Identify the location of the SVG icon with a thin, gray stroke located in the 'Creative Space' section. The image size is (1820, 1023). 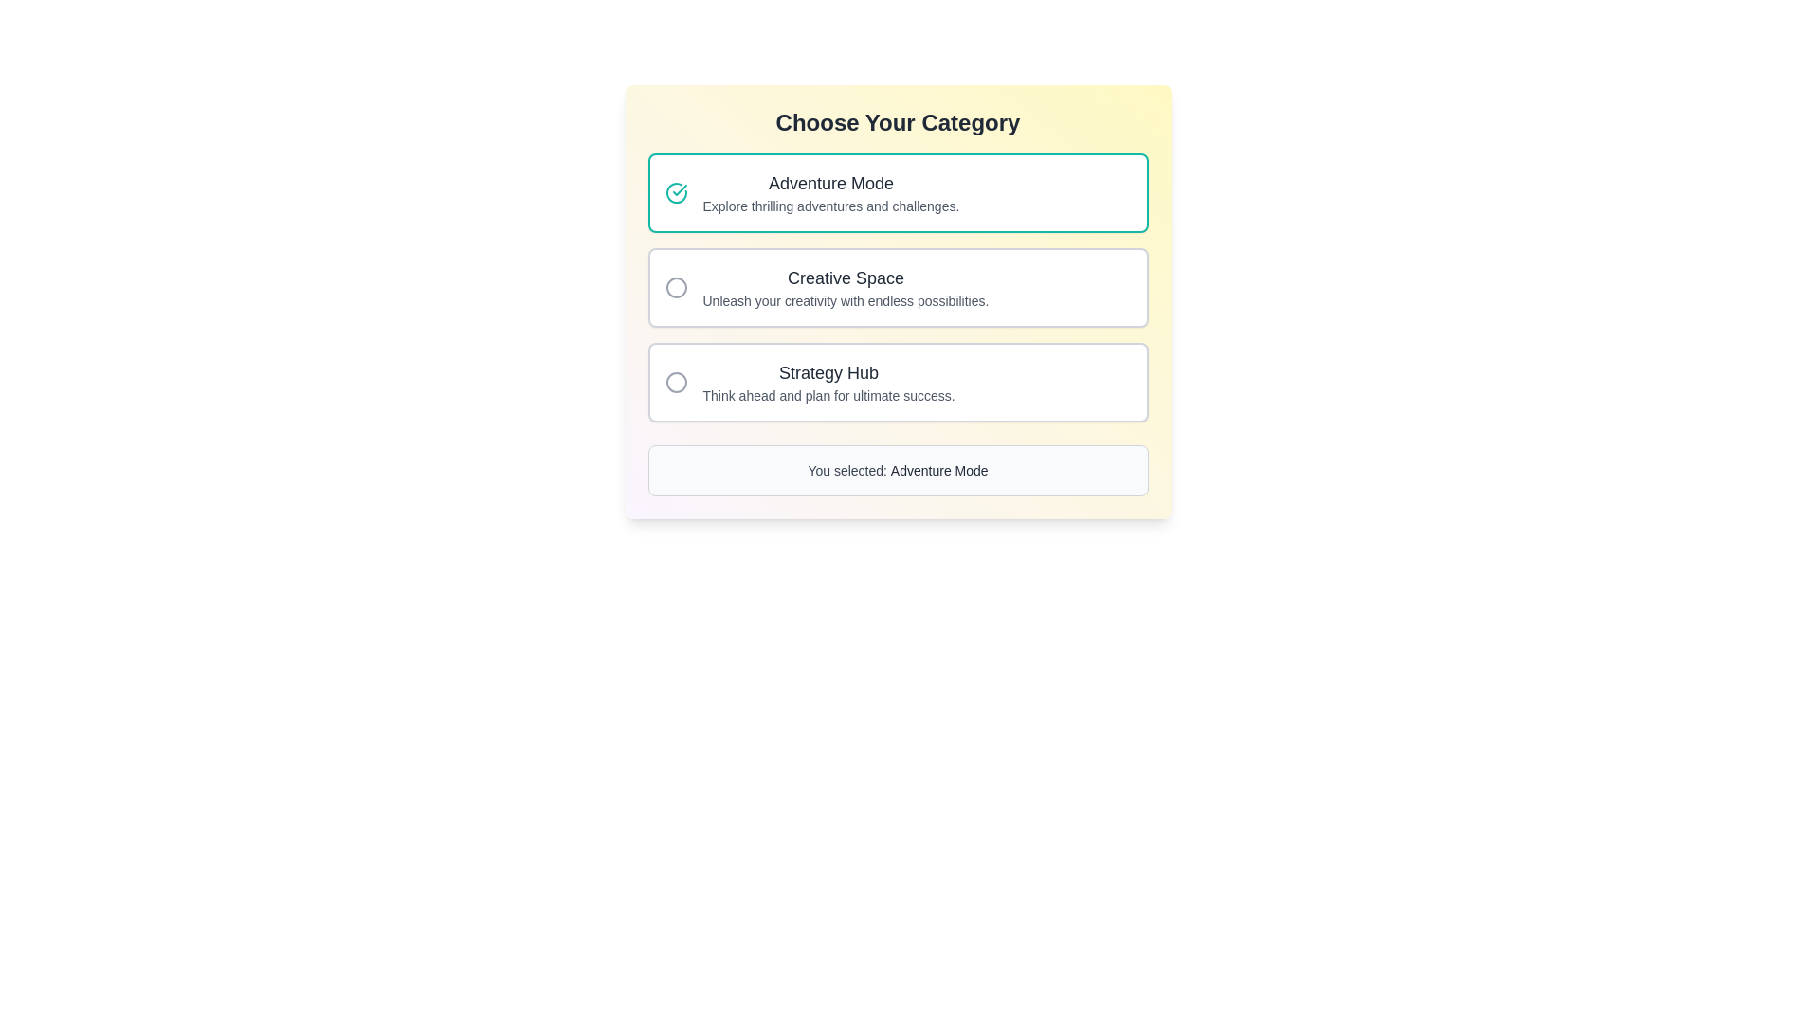
(676, 288).